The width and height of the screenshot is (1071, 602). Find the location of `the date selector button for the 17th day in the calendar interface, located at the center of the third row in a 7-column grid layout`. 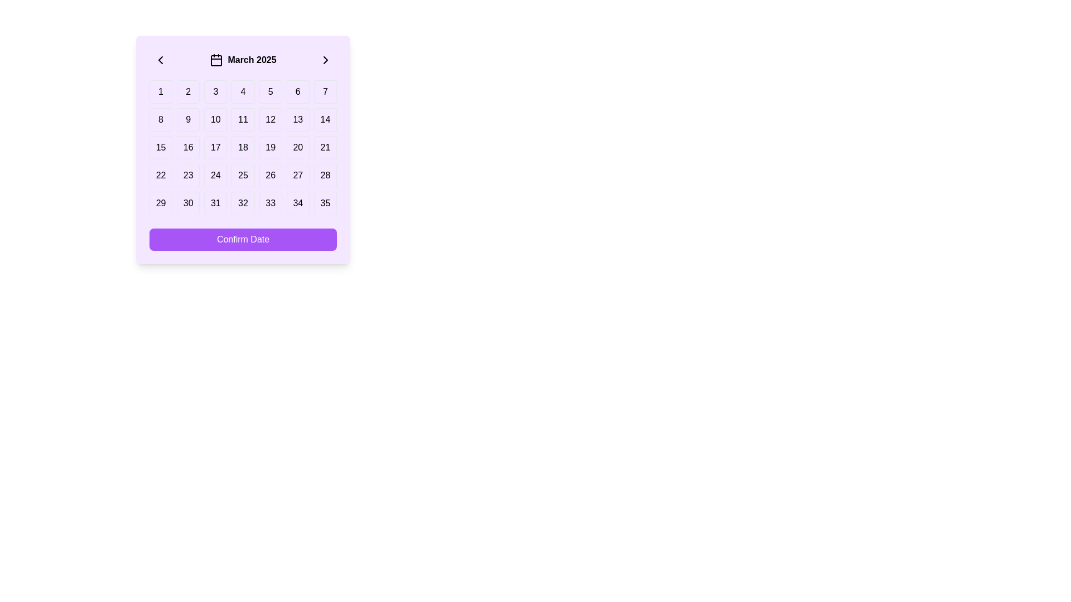

the date selector button for the 17th day in the calendar interface, located at the center of the third row in a 7-column grid layout is located at coordinates (215, 147).